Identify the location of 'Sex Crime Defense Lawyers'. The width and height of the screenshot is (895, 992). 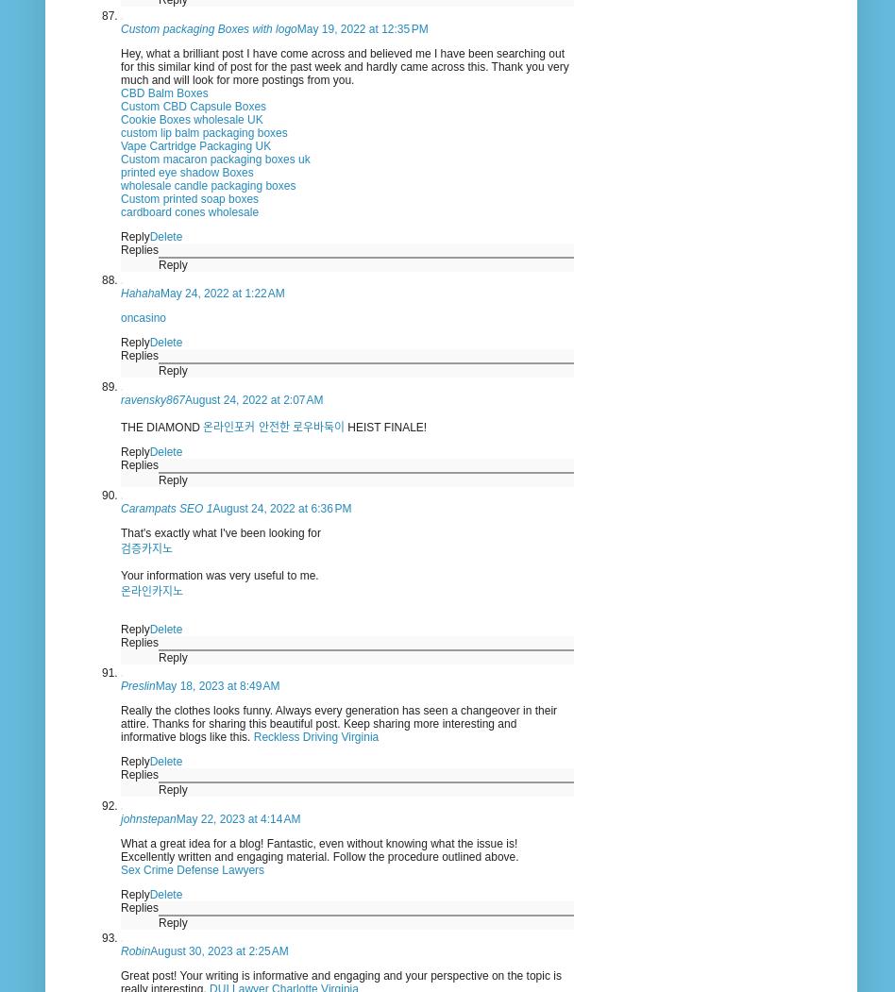
(192, 868).